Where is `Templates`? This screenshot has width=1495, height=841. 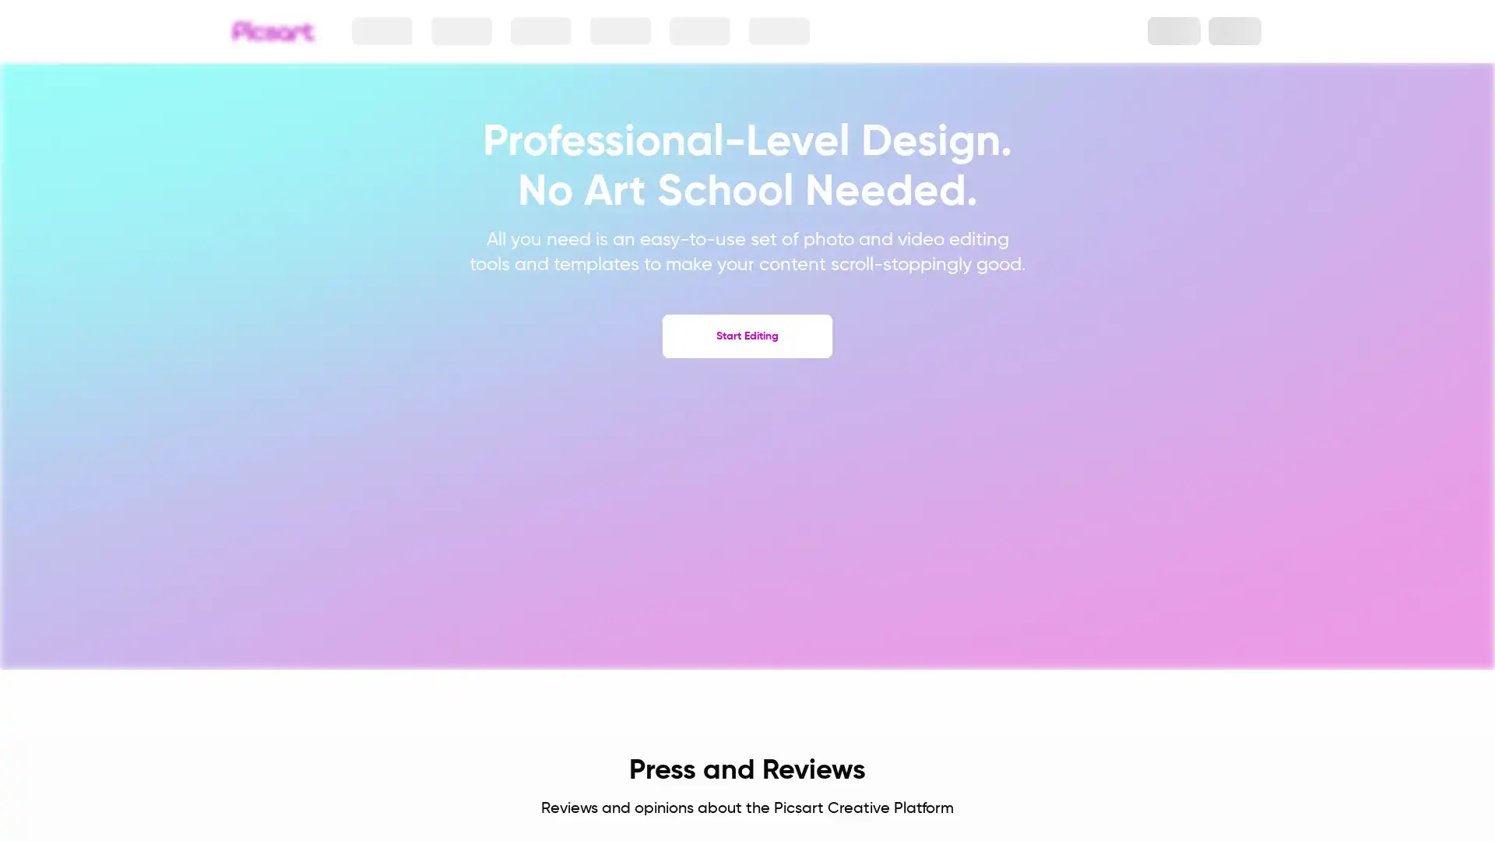 Templates is located at coordinates (772, 30).